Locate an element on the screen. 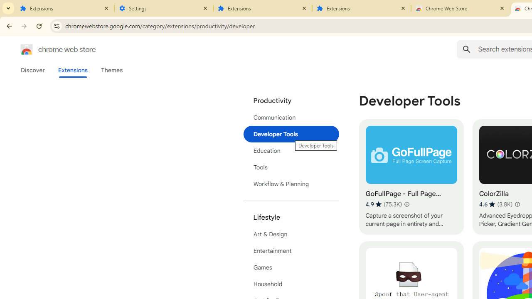 The width and height of the screenshot is (532, 299). 'Learn more about results and reviews "ColorZilla"' is located at coordinates (517, 204).